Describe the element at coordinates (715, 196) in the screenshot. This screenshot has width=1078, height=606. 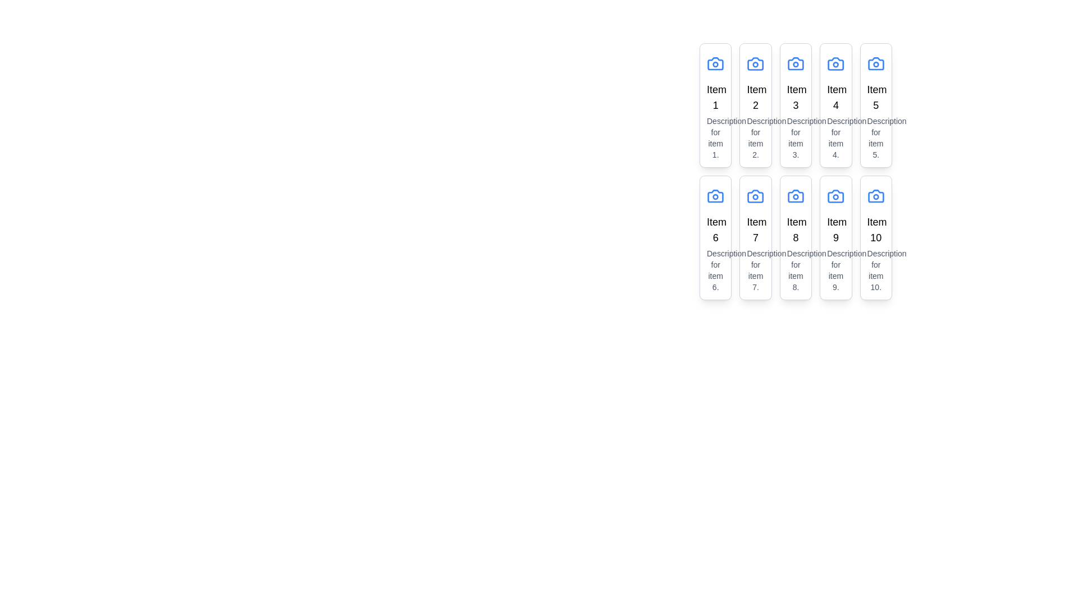
I see `the icon representing 'Item 6' located` at that location.